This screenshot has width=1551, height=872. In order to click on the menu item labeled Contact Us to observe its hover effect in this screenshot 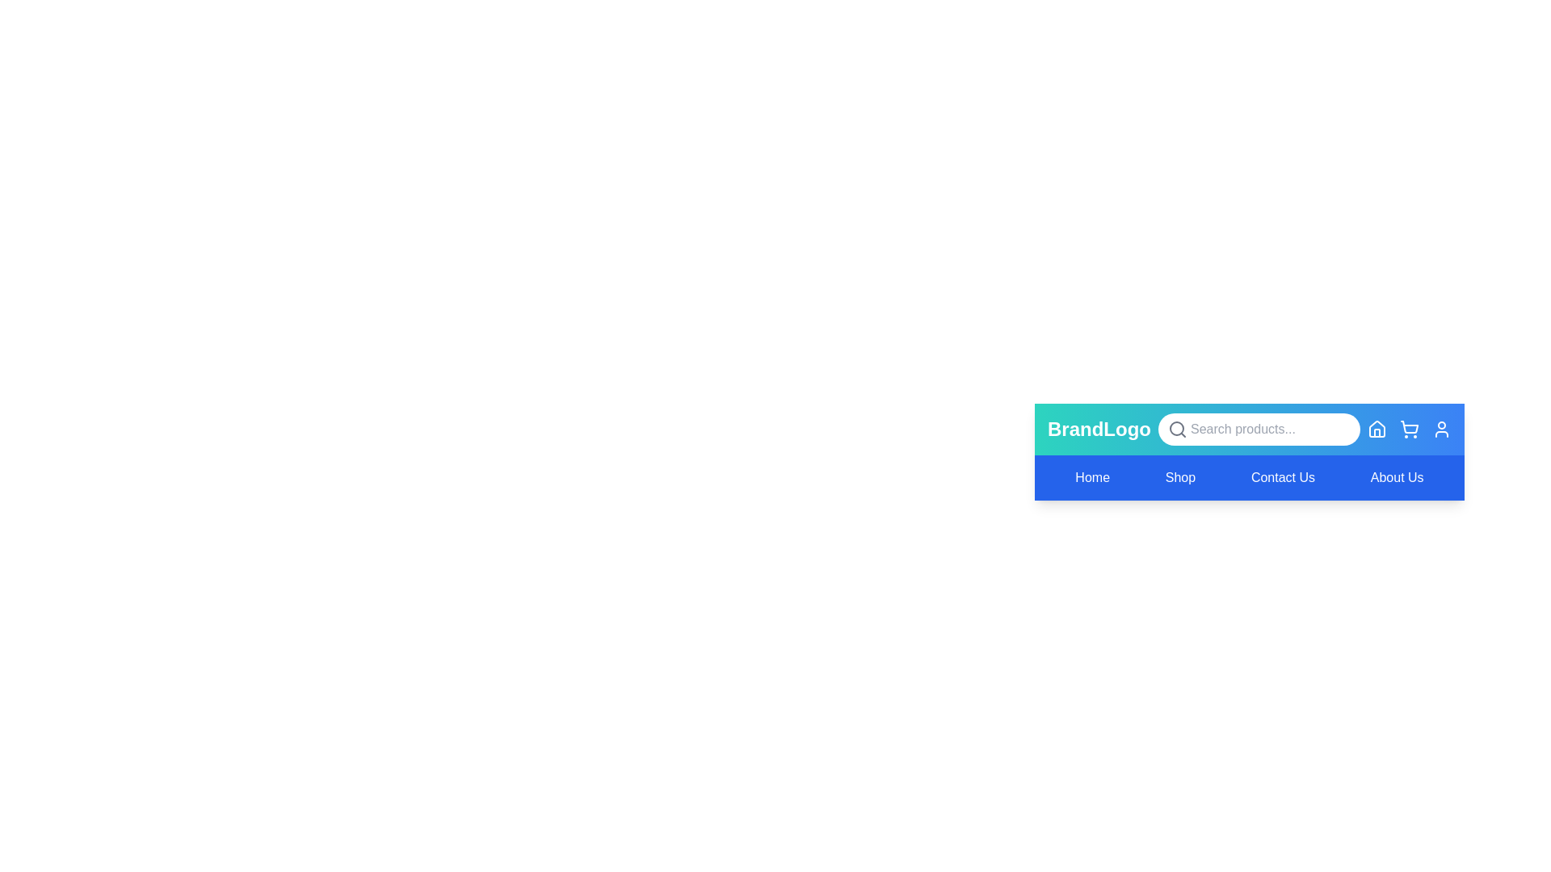, I will do `click(1282, 476)`.